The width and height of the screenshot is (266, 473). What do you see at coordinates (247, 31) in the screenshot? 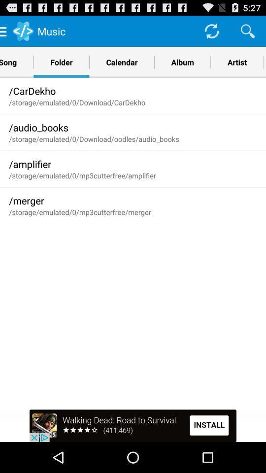
I see `search` at bounding box center [247, 31].